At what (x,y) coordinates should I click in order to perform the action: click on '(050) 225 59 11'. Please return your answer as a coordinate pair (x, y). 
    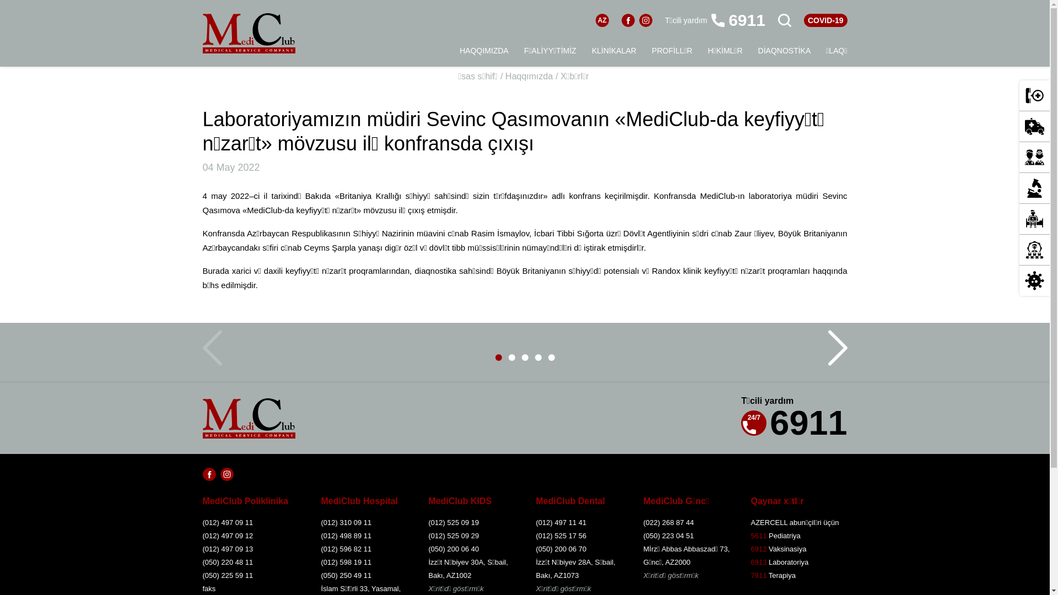
    Looking at the image, I should click on (251, 575).